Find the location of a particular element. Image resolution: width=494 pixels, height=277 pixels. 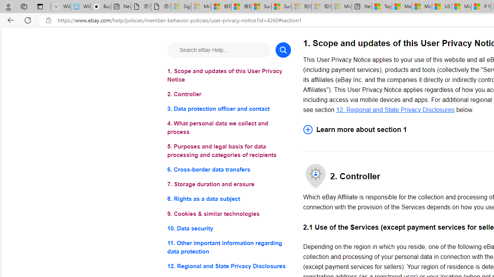

'Microsoft account | Account Checkup - Sleeping' is located at coordinates (341, 7).